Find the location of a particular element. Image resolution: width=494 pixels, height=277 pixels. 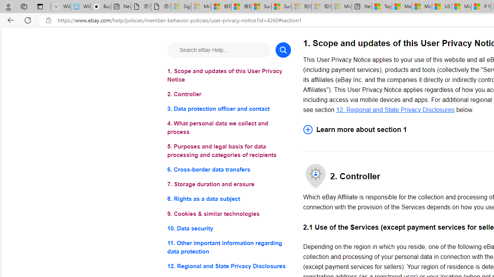

'Microsoft account | Account Checkup - Sleeping' is located at coordinates (341, 7).